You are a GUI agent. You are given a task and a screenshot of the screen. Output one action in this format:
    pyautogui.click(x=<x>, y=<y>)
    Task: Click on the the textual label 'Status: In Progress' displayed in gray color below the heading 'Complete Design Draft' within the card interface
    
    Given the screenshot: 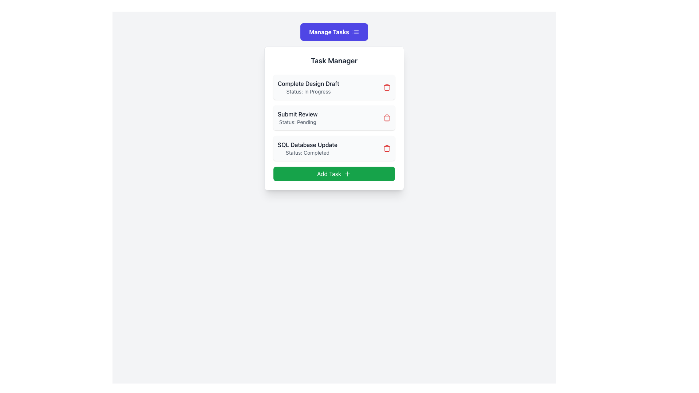 What is the action you would take?
    pyautogui.click(x=308, y=91)
    